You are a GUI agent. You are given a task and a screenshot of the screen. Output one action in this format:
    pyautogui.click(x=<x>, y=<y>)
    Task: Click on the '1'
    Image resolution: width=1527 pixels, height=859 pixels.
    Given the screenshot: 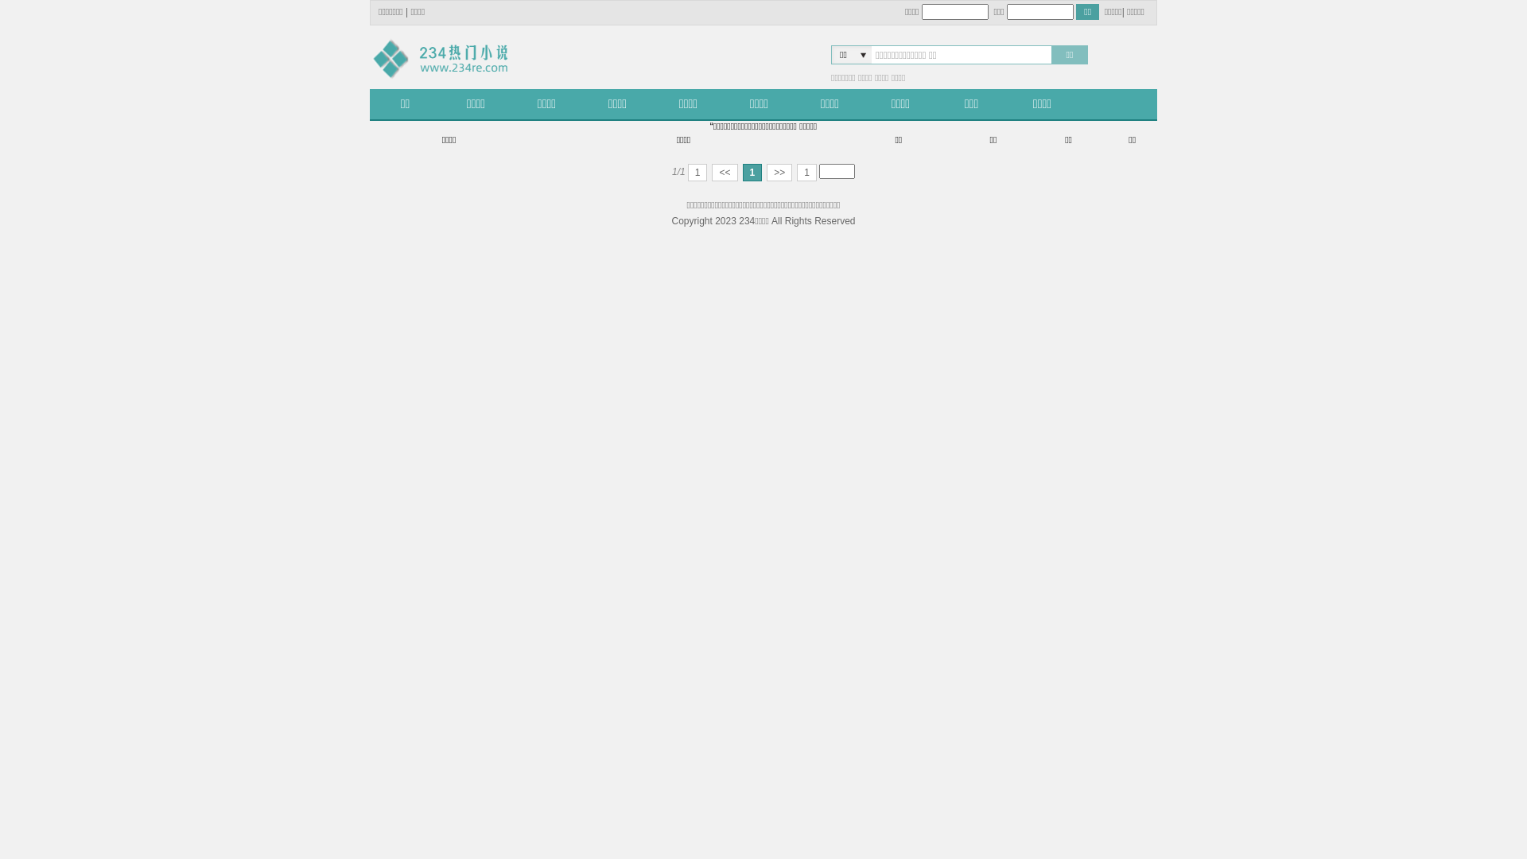 What is the action you would take?
    pyautogui.click(x=697, y=172)
    